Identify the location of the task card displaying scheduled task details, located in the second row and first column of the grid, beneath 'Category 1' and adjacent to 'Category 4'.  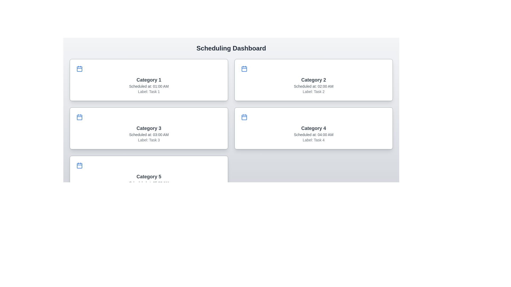
(149, 128).